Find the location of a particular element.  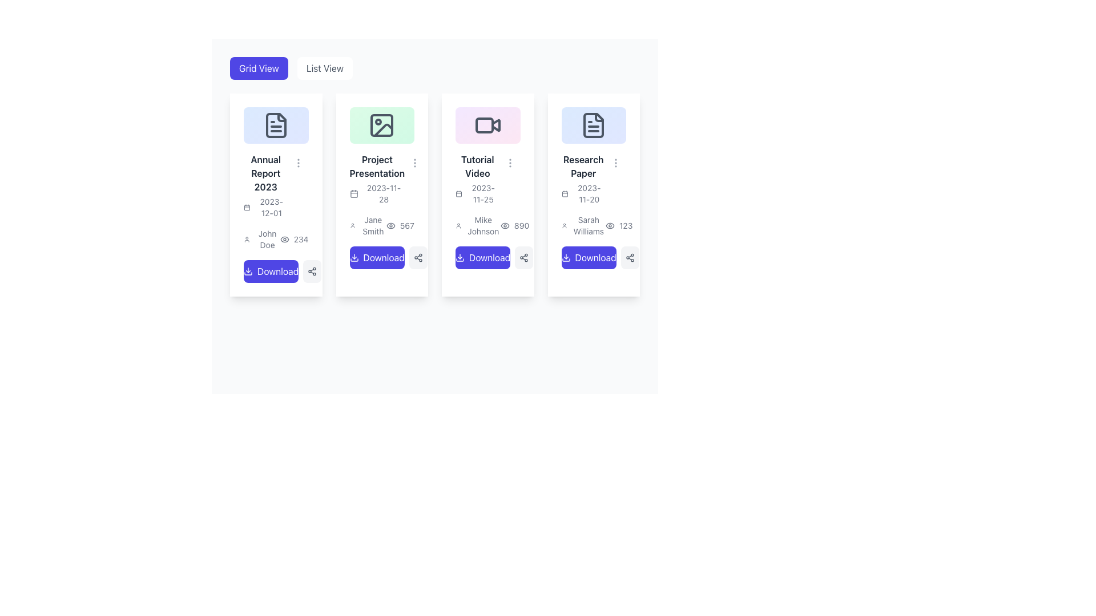

the eye-shaped visibility indicator located in the fourth content card associated with 'Research Paper' is located at coordinates (610, 225).